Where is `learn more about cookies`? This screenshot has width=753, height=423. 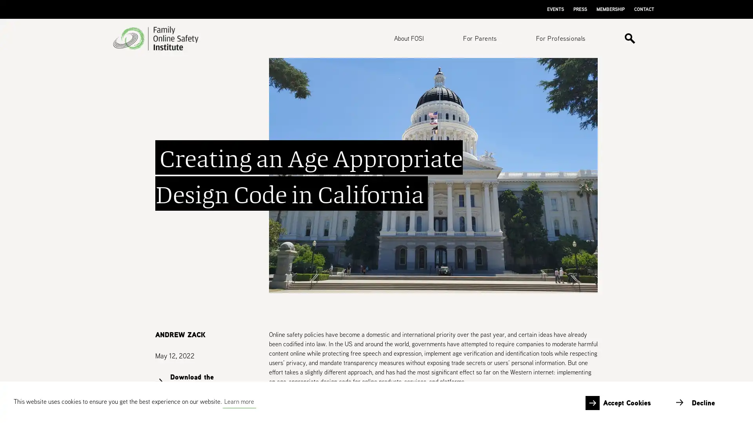
learn more about cookies is located at coordinates (239, 402).